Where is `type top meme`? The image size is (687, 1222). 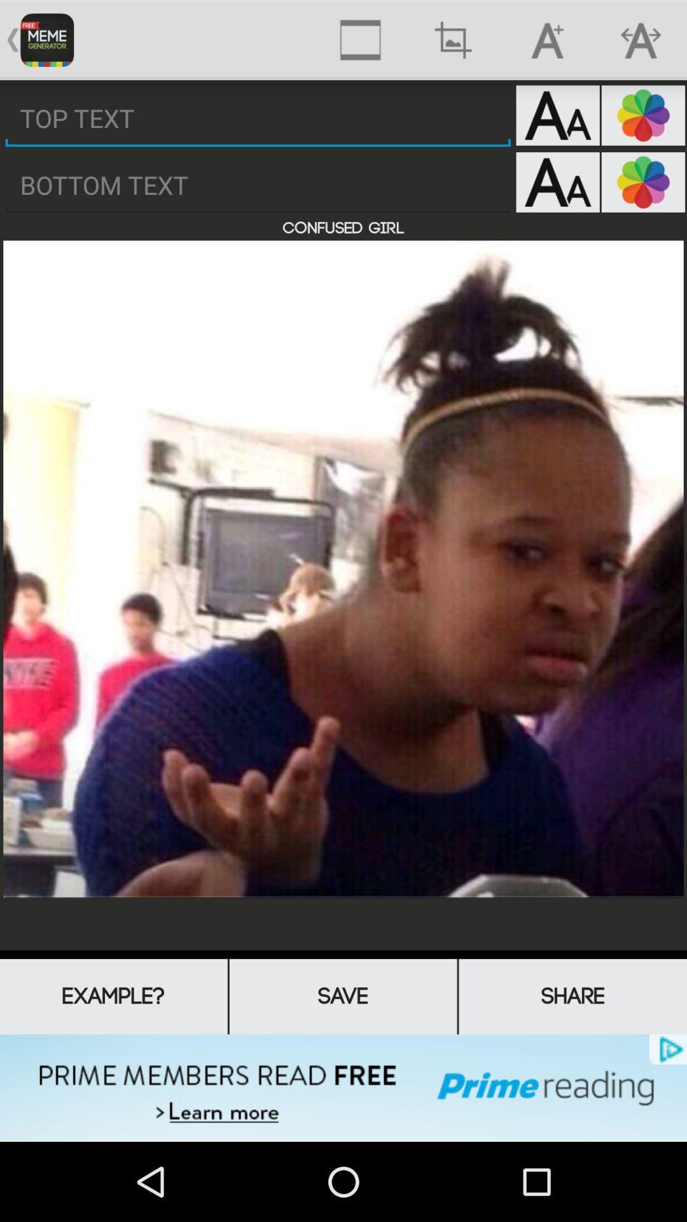
type top meme is located at coordinates (258, 118).